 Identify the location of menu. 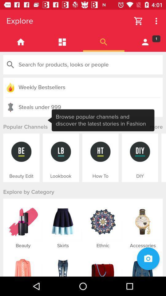
(62, 42).